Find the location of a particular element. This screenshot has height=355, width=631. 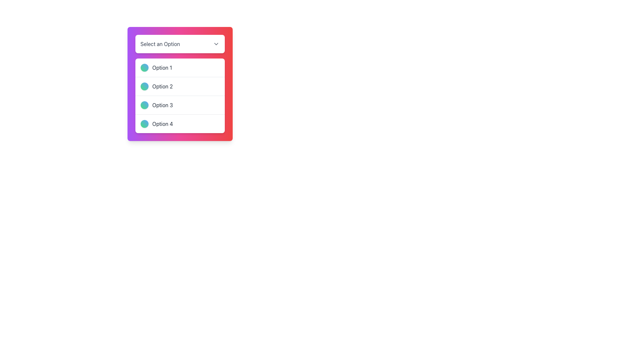

the circular decorative indicator icon aligned to the left of the 'Option 2' label in the dropdown menu is located at coordinates (144, 86).